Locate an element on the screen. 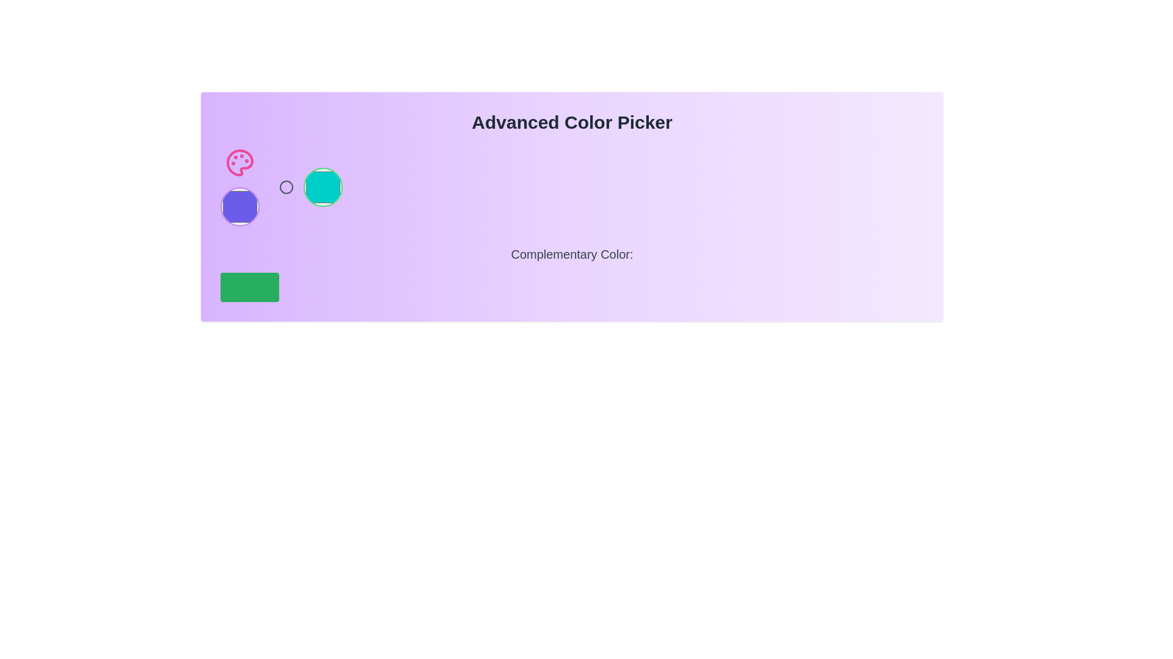  the vibrant purple circular Color selection button located beneath the palette symbol icon is located at coordinates (240, 187).